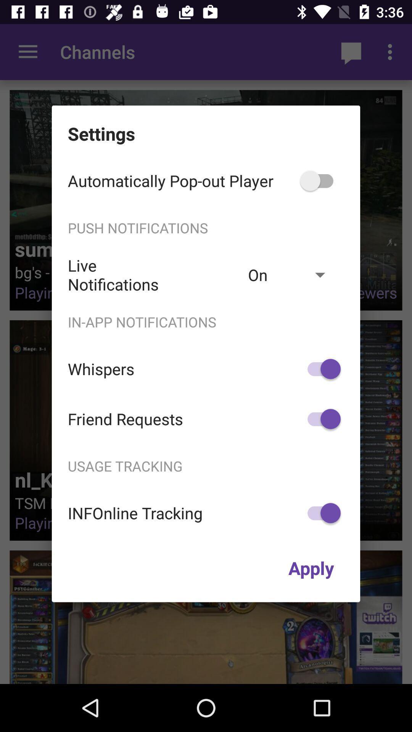 The width and height of the screenshot is (412, 732). What do you see at coordinates (320, 369) in the screenshot?
I see `item below in-app notifications icon` at bounding box center [320, 369].